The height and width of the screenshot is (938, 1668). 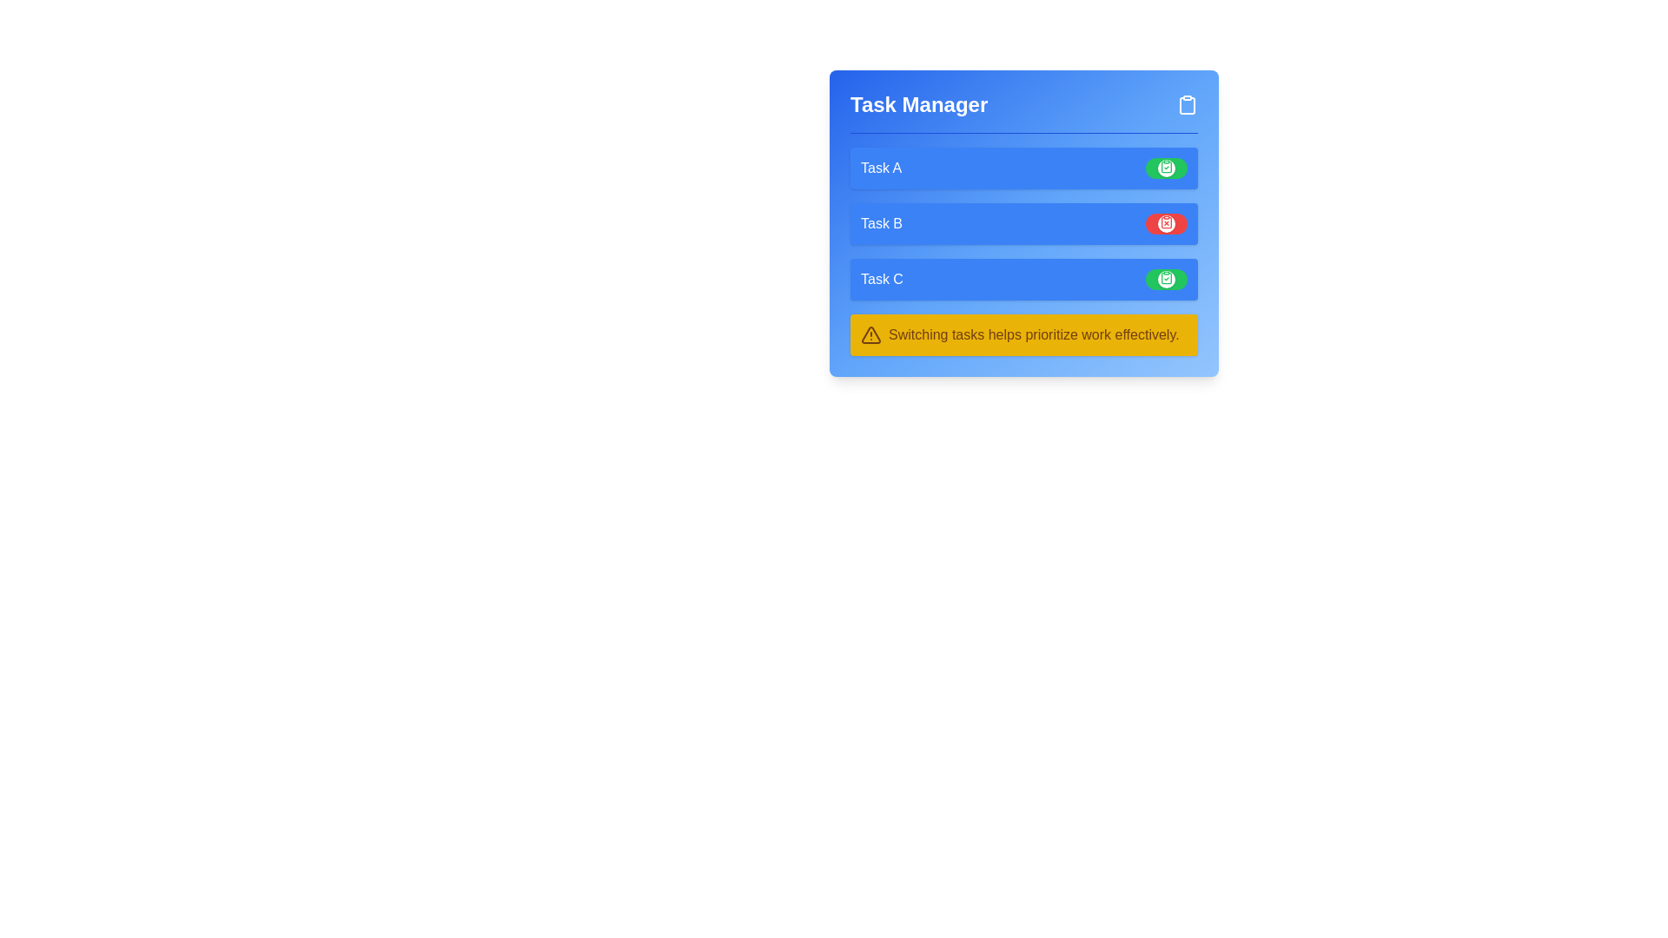 What do you see at coordinates (1024, 334) in the screenshot?
I see `the Notification banner, which is a rectangular block with a bold yellow background, black text, and contains the message 'Switching tasks helps prioritize work effectively.' It is located below the task sections labeled 'Task A,' 'Task B,' and 'Task C.'` at bounding box center [1024, 334].